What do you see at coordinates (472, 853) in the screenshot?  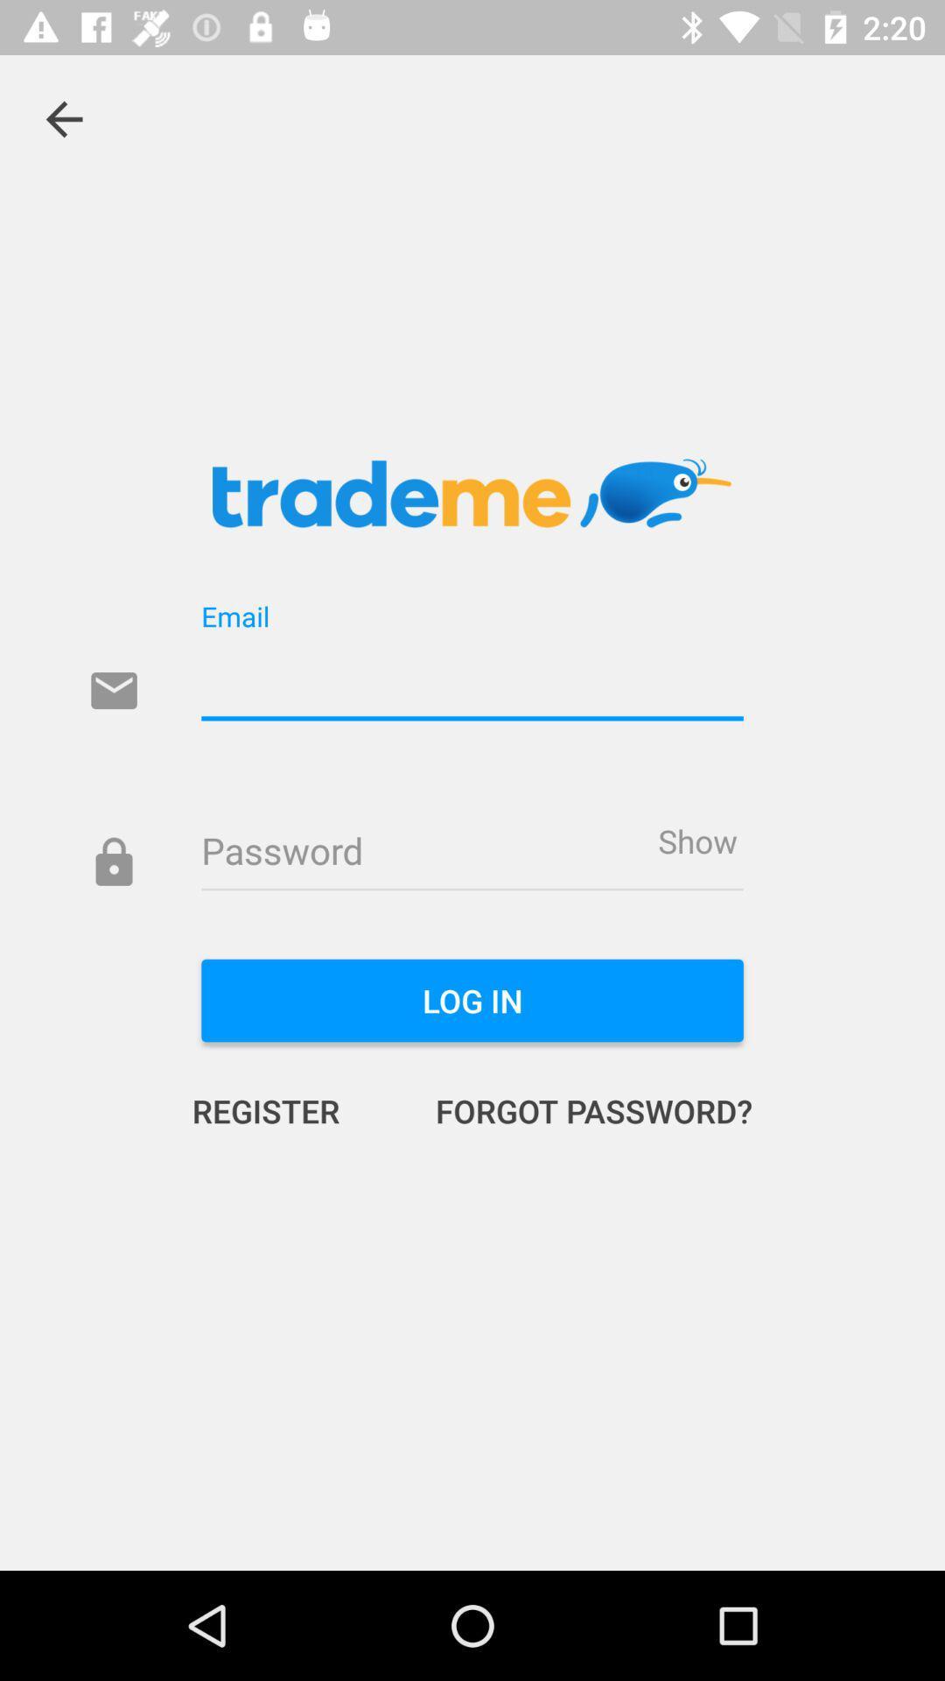 I see `password` at bounding box center [472, 853].